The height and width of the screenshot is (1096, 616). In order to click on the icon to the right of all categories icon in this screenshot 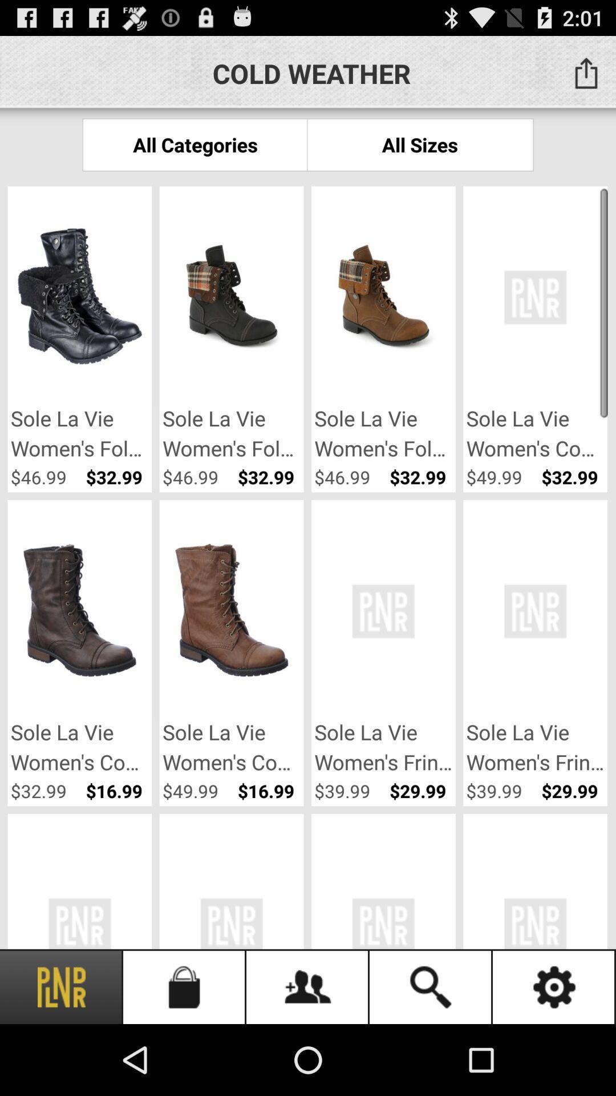, I will do `click(420, 144)`.